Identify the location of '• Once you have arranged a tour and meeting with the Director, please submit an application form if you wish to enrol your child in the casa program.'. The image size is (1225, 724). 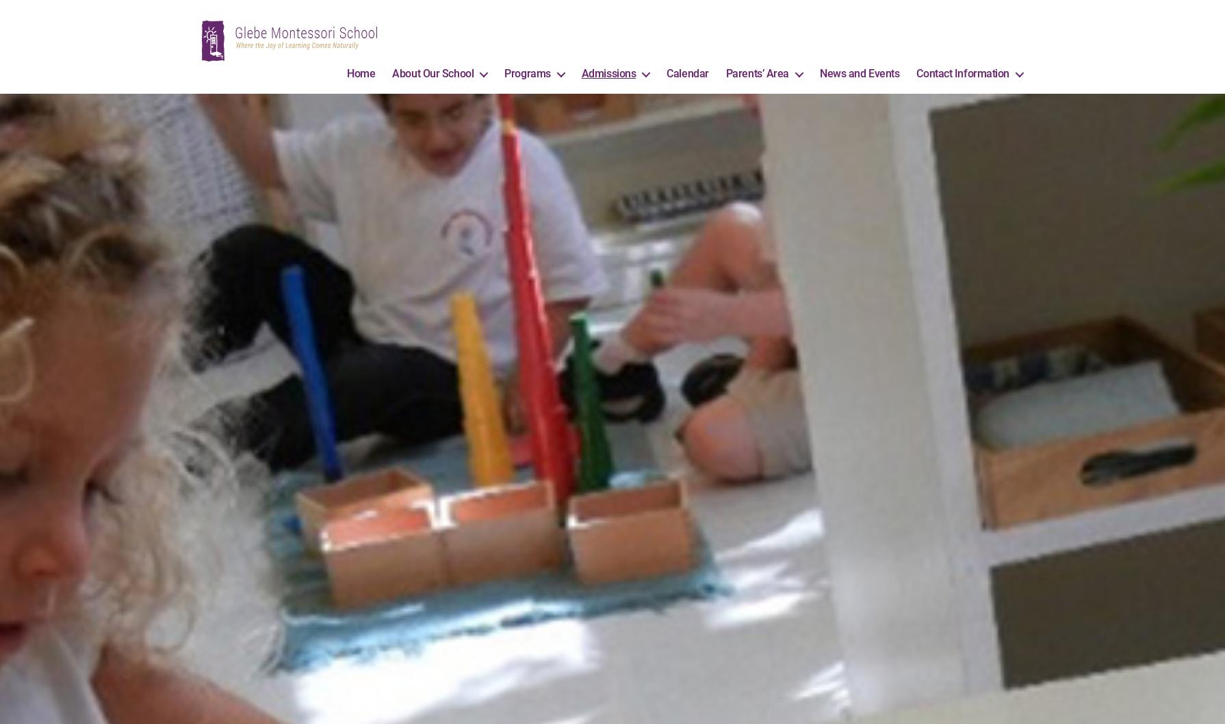
(699, 430).